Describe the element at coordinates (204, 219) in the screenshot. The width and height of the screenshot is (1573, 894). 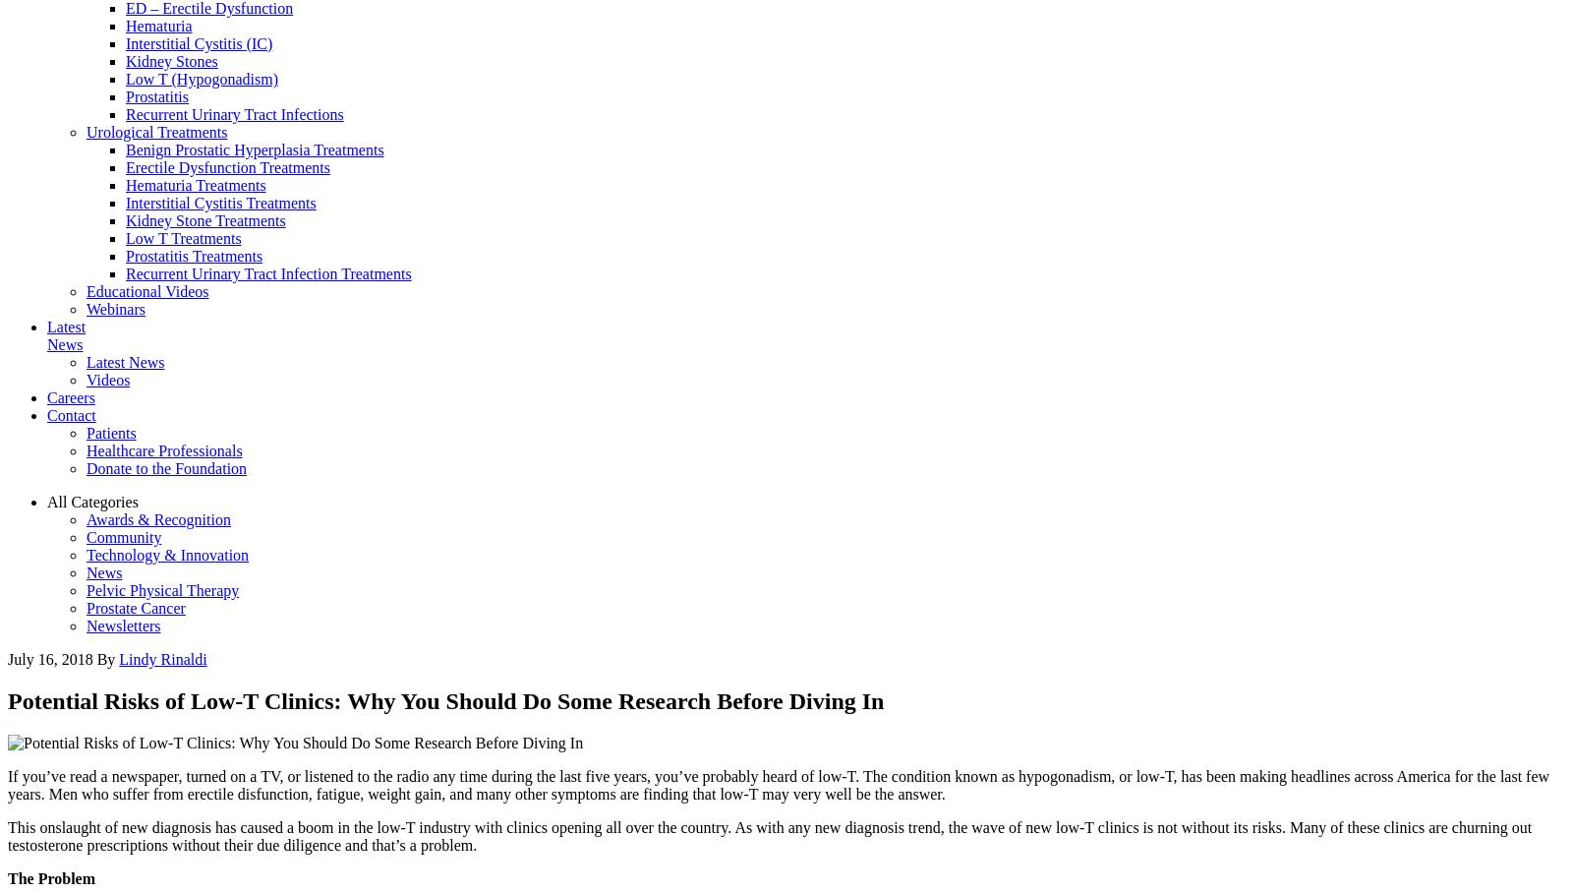
I see `'Kidney Stone Treatments'` at that location.